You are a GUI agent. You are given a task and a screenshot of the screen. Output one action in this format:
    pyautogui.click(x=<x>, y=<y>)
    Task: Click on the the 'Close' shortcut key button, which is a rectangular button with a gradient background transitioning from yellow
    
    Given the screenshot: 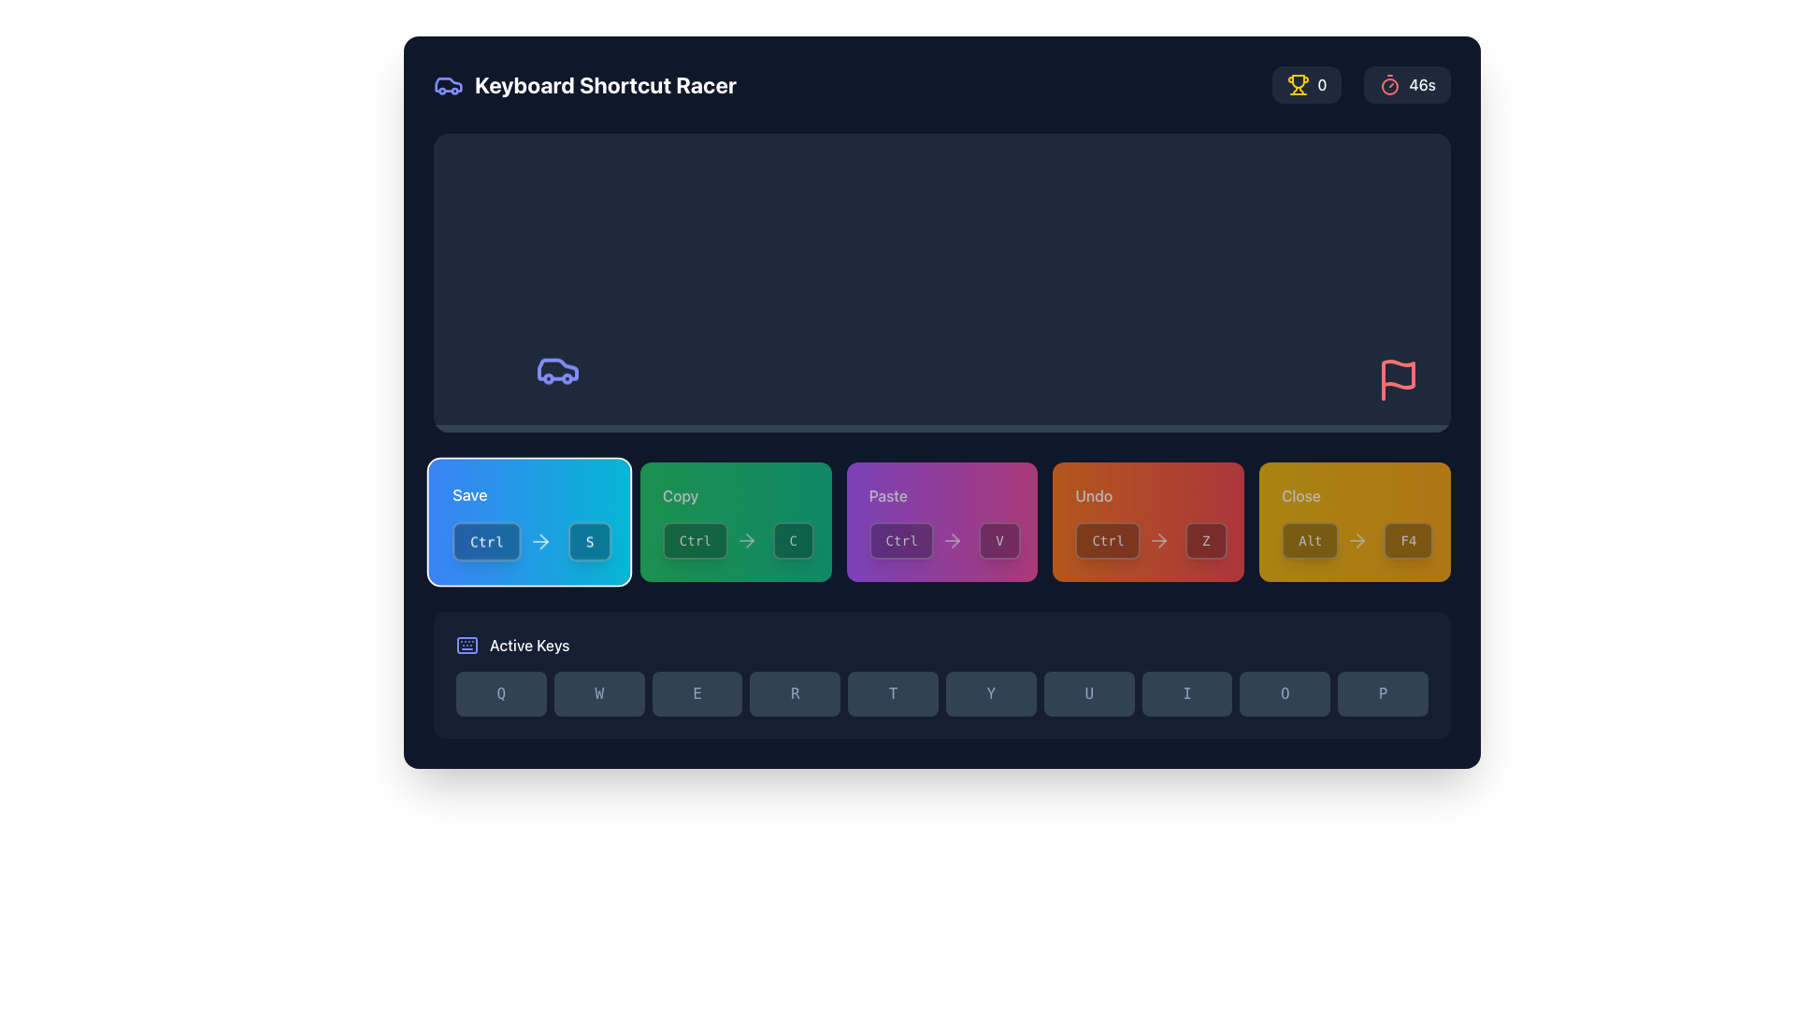 What is the action you would take?
    pyautogui.click(x=1355, y=522)
    